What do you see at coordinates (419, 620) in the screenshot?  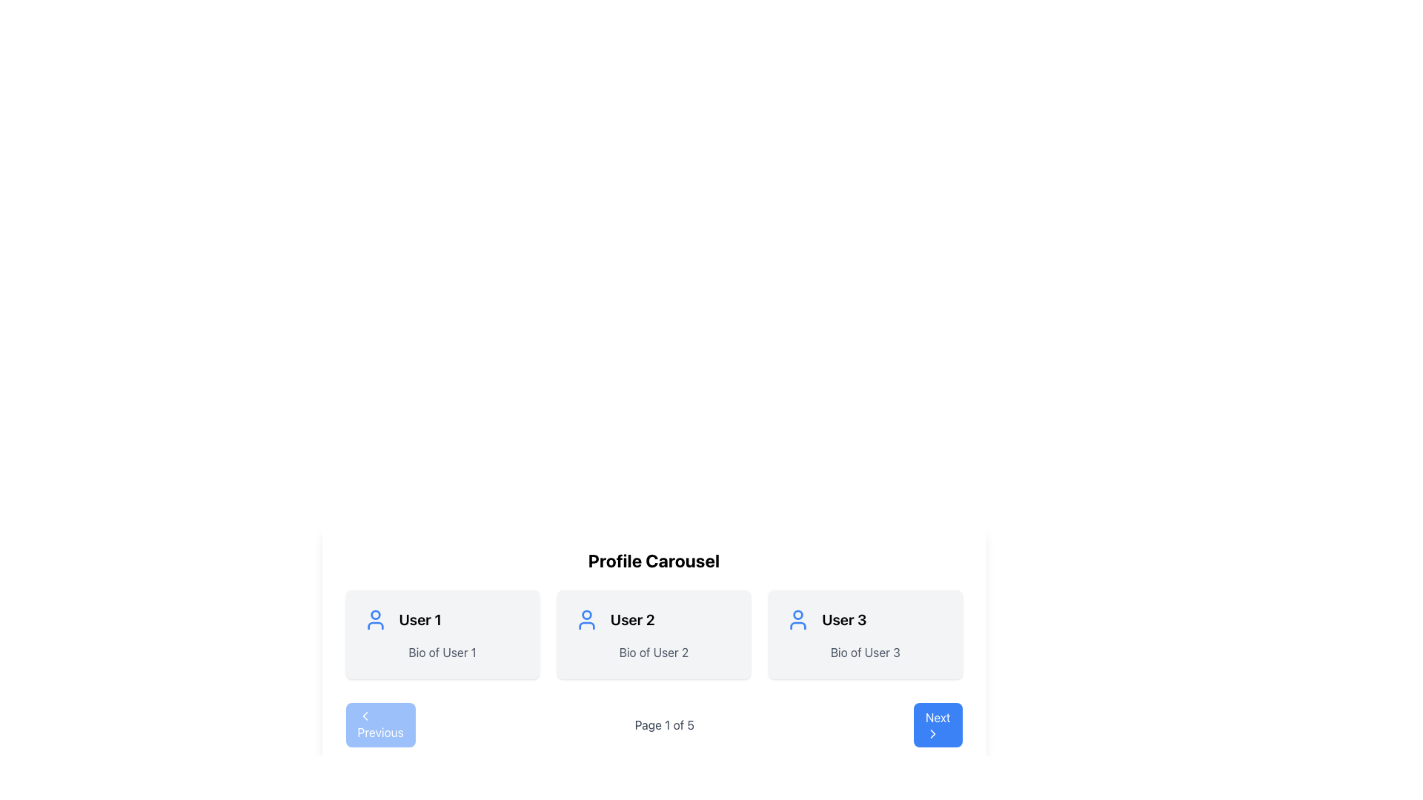 I see `the static text label element that serves as a title for the user, located centrally in the leftmost card of a horizontal row, adjacent to a blue user icon` at bounding box center [419, 620].